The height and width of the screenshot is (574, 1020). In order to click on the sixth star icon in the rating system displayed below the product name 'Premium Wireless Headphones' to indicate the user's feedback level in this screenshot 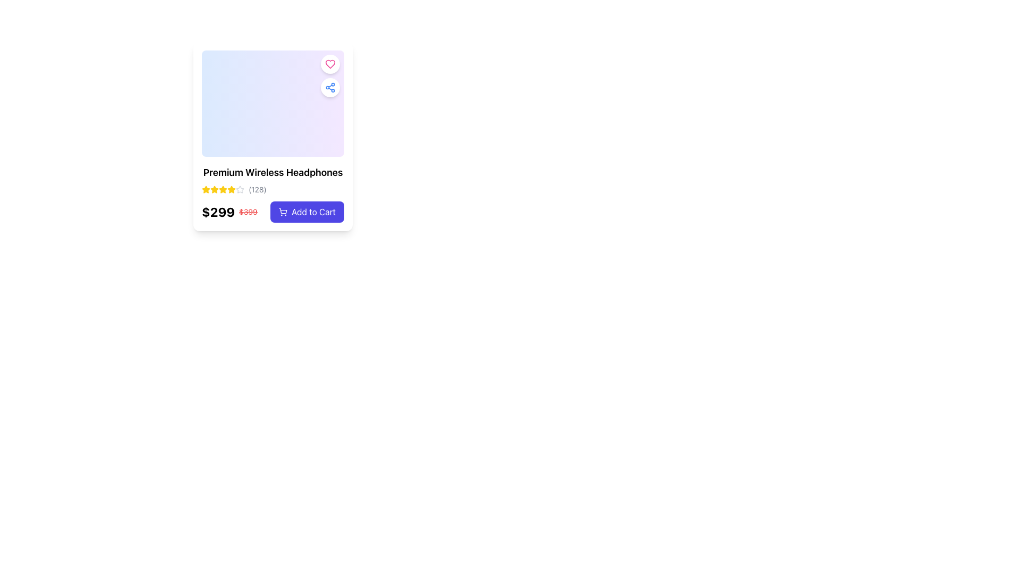, I will do `click(231, 189)`.